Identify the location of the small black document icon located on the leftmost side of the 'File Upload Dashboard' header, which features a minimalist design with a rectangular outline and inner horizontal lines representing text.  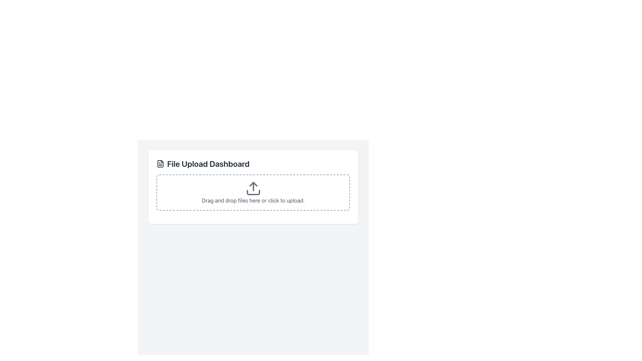
(160, 163).